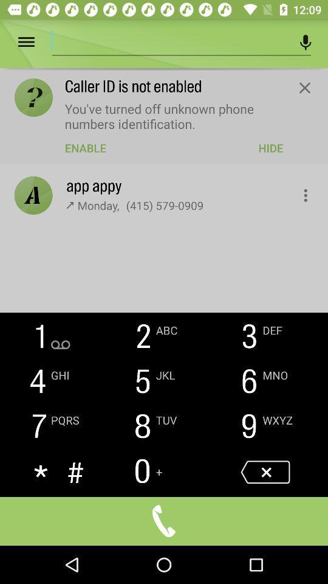  I want to click on phone call, so click(164, 520).